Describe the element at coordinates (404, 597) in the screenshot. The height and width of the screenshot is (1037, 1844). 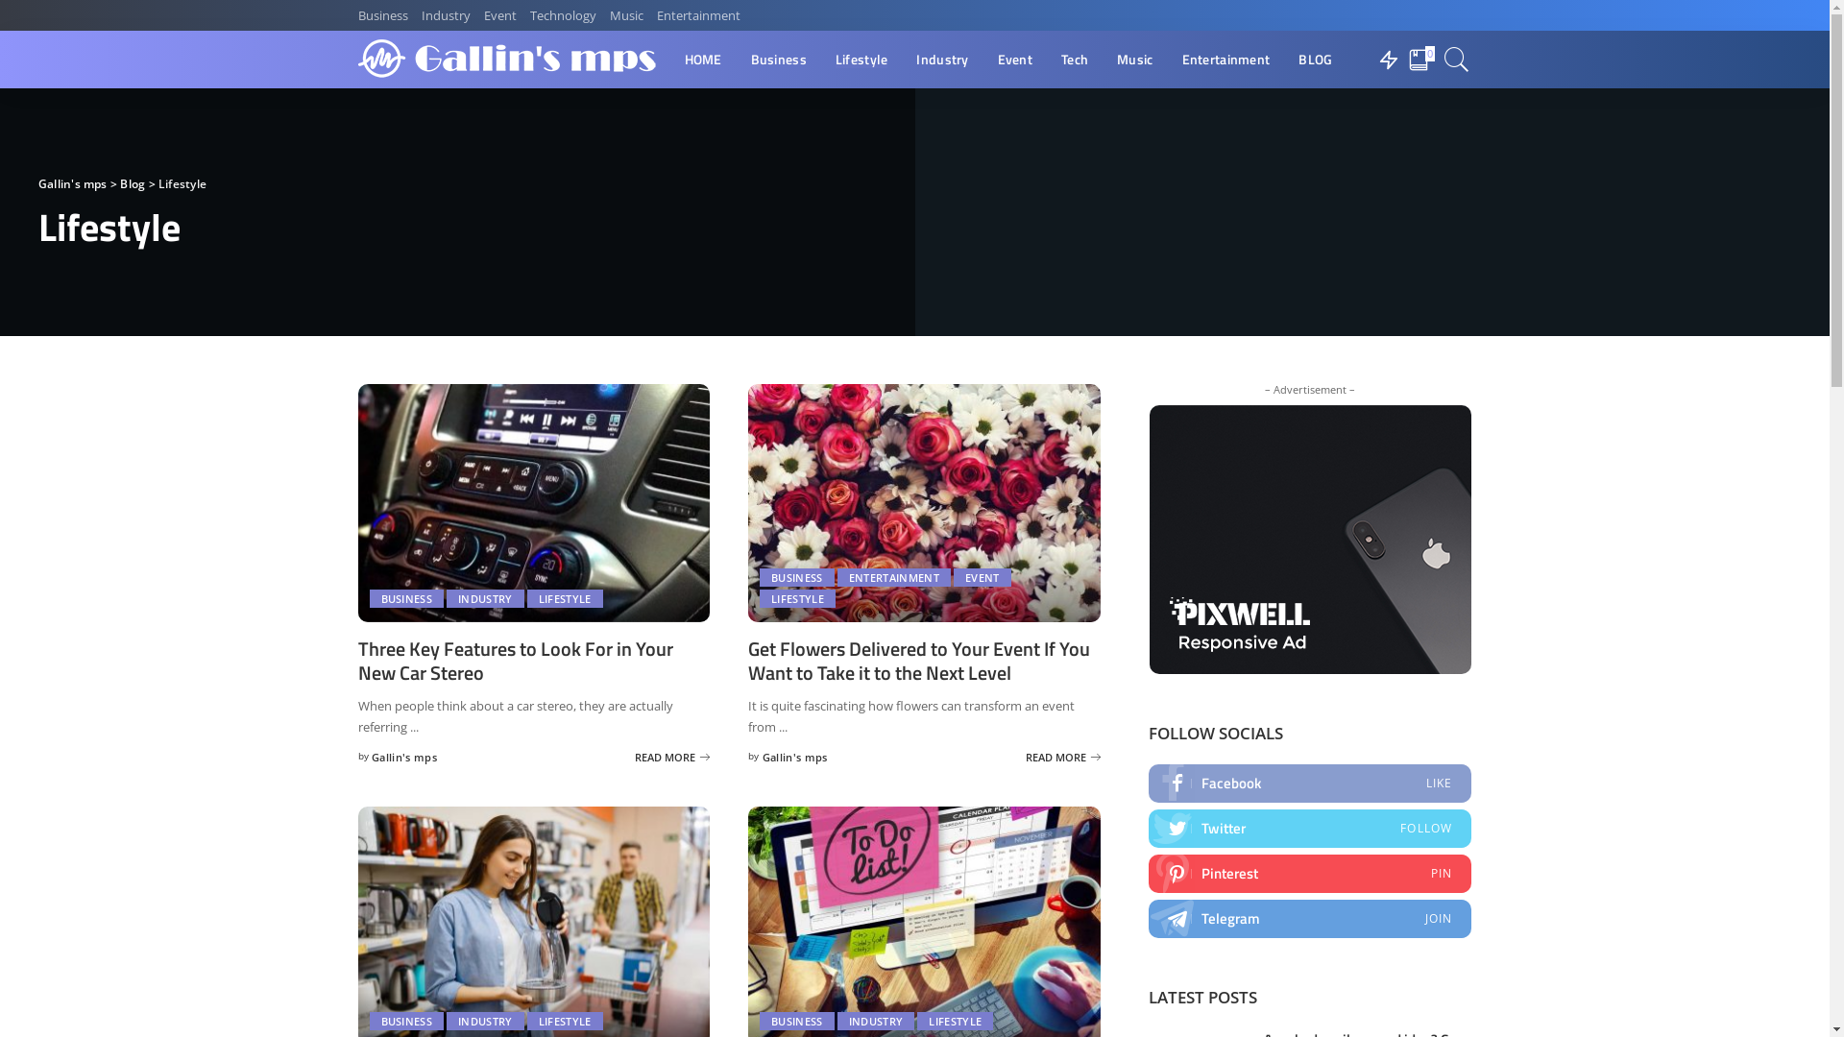
I see `'BUSINESS'` at that location.